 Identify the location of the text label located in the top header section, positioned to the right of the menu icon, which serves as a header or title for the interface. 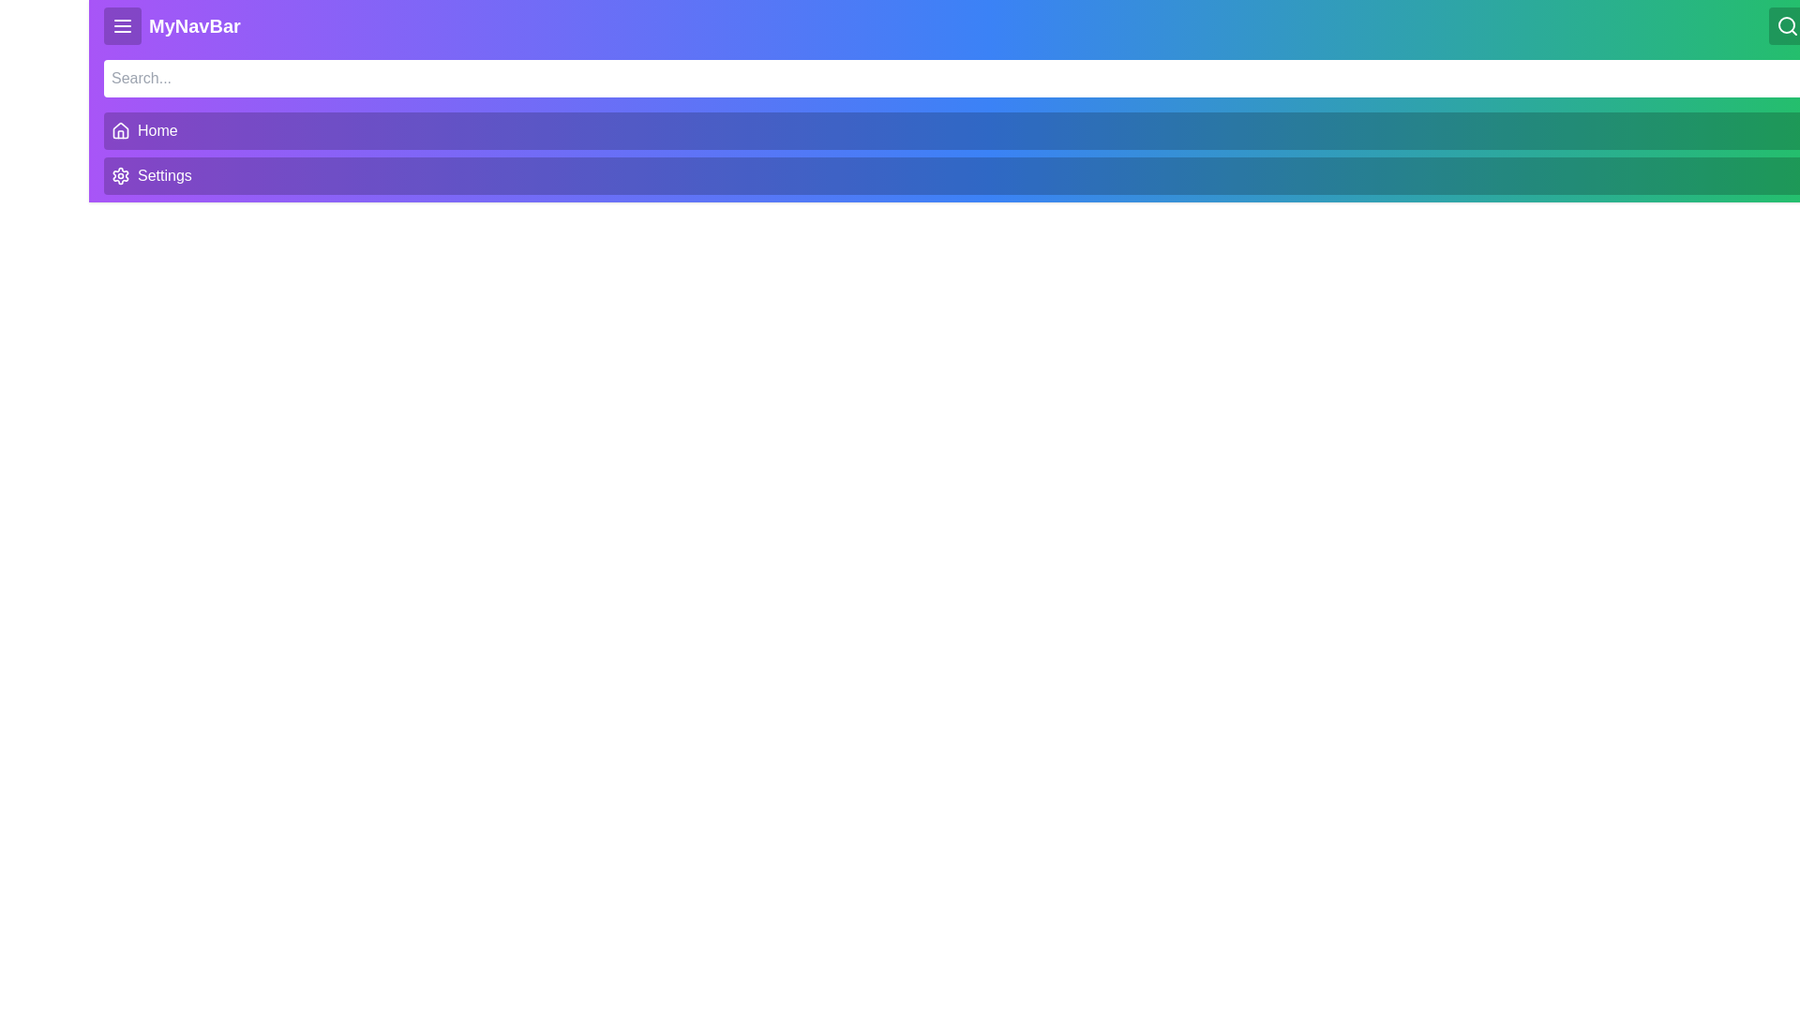
(194, 25).